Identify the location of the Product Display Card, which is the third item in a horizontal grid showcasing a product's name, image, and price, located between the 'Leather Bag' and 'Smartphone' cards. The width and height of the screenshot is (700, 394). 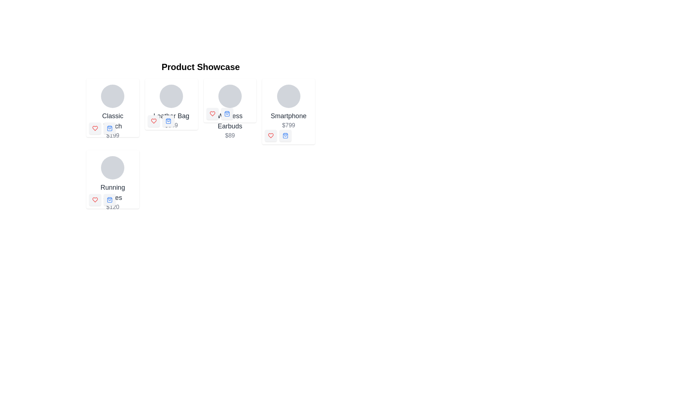
(229, 101).